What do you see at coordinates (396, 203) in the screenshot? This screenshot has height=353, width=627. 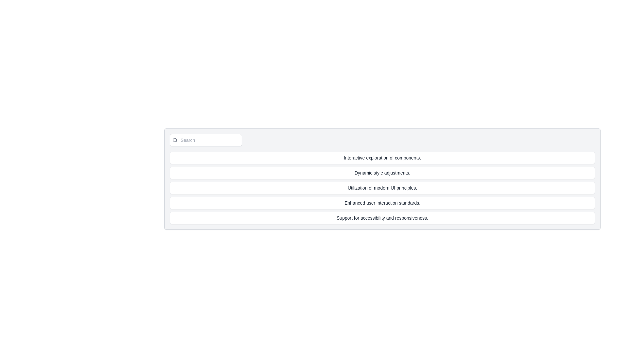 I see `the character 'n' in the phrase 'Enhanced user interaction standards.' which is positioned towards the end of the word 'interaction.'` at bounding box center [396, 203].